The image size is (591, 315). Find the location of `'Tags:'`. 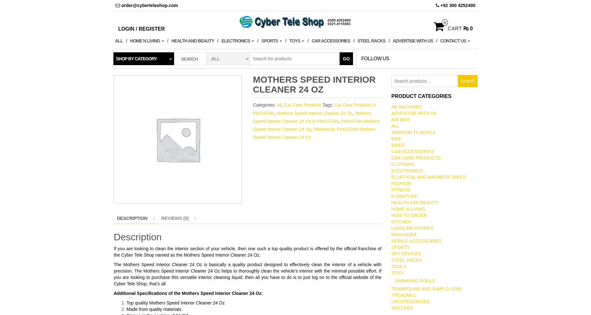

'Tags:' is located at coordinates (322, 104).